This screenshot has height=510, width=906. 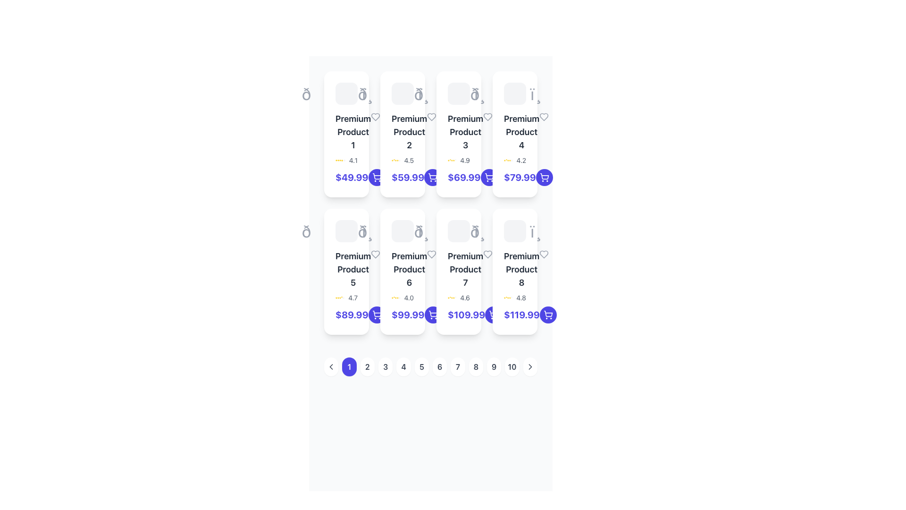 I want to click on the stars in the rating display of 'Premium Product 1' to interact with the ratings, so click(x=346, y=160).